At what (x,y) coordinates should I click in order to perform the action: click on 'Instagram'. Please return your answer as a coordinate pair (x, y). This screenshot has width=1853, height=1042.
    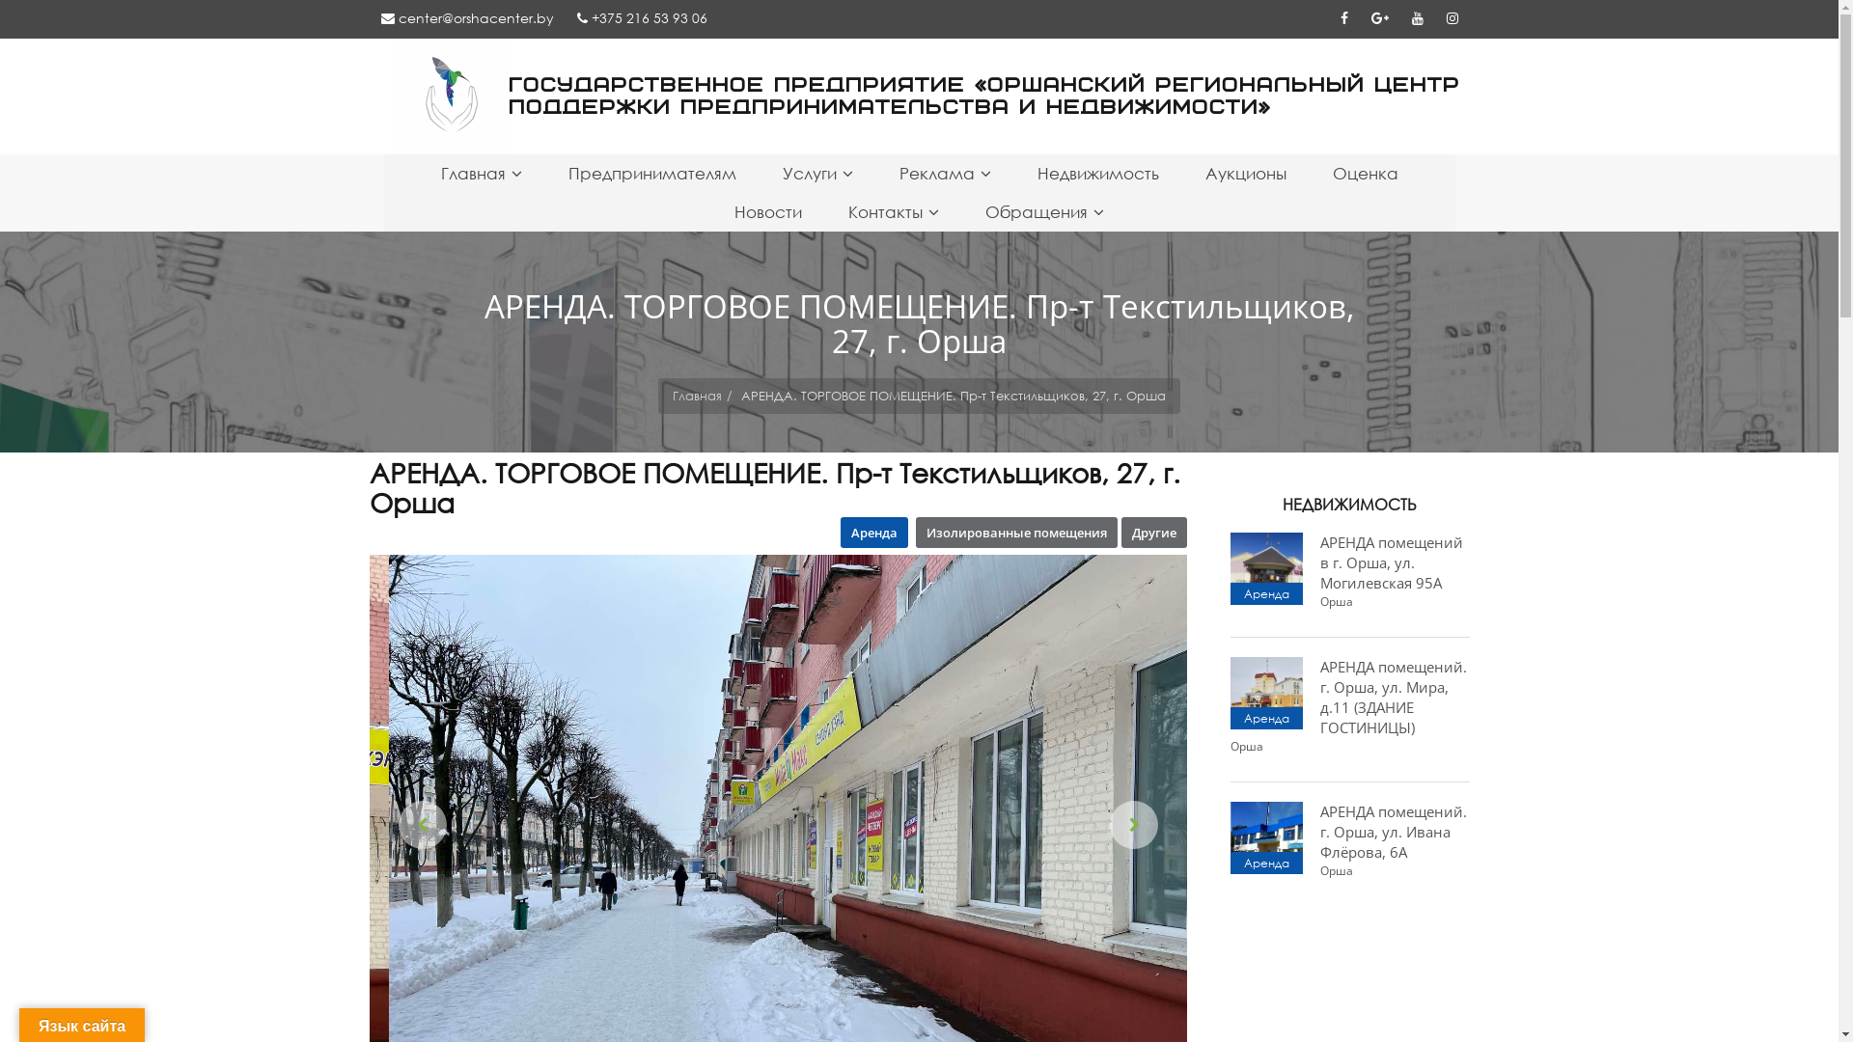
    Looking at the image, I should click on (1451, 17).